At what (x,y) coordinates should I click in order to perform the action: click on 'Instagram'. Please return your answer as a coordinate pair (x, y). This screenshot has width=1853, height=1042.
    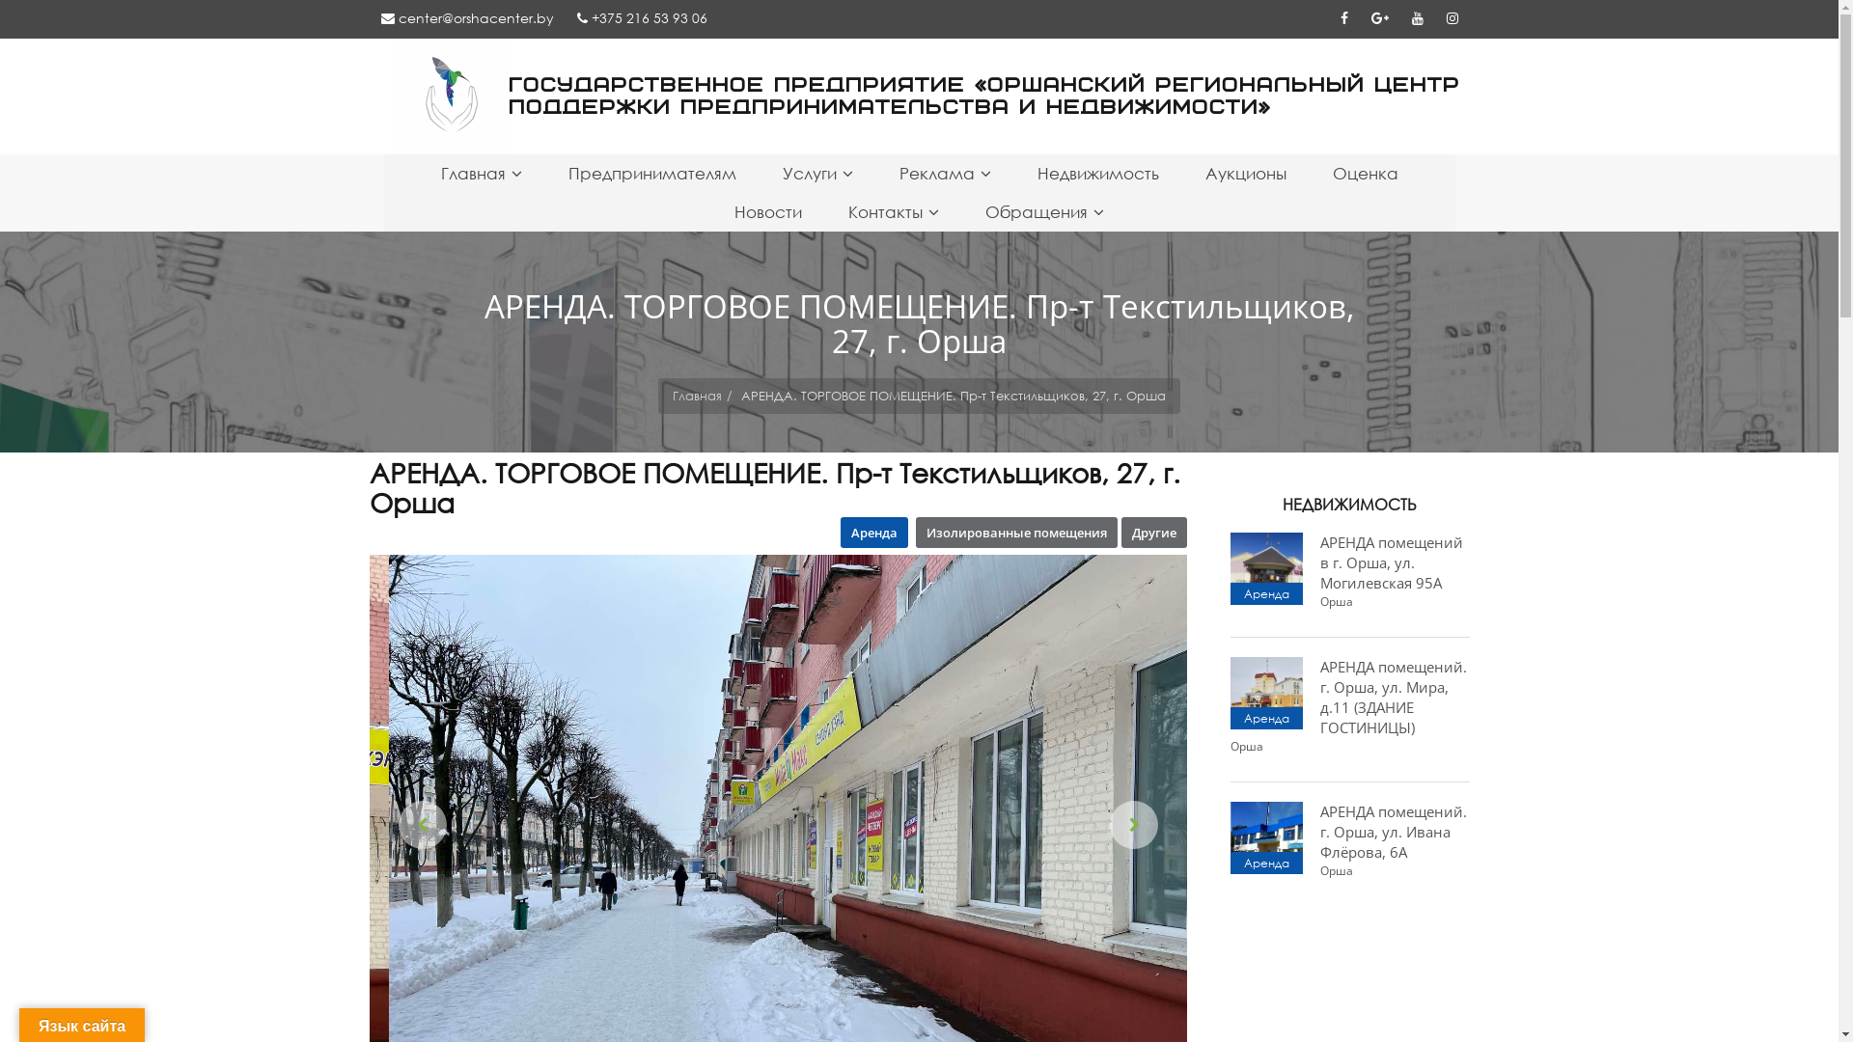
    Looking at the image, I should click on (1451, 17).